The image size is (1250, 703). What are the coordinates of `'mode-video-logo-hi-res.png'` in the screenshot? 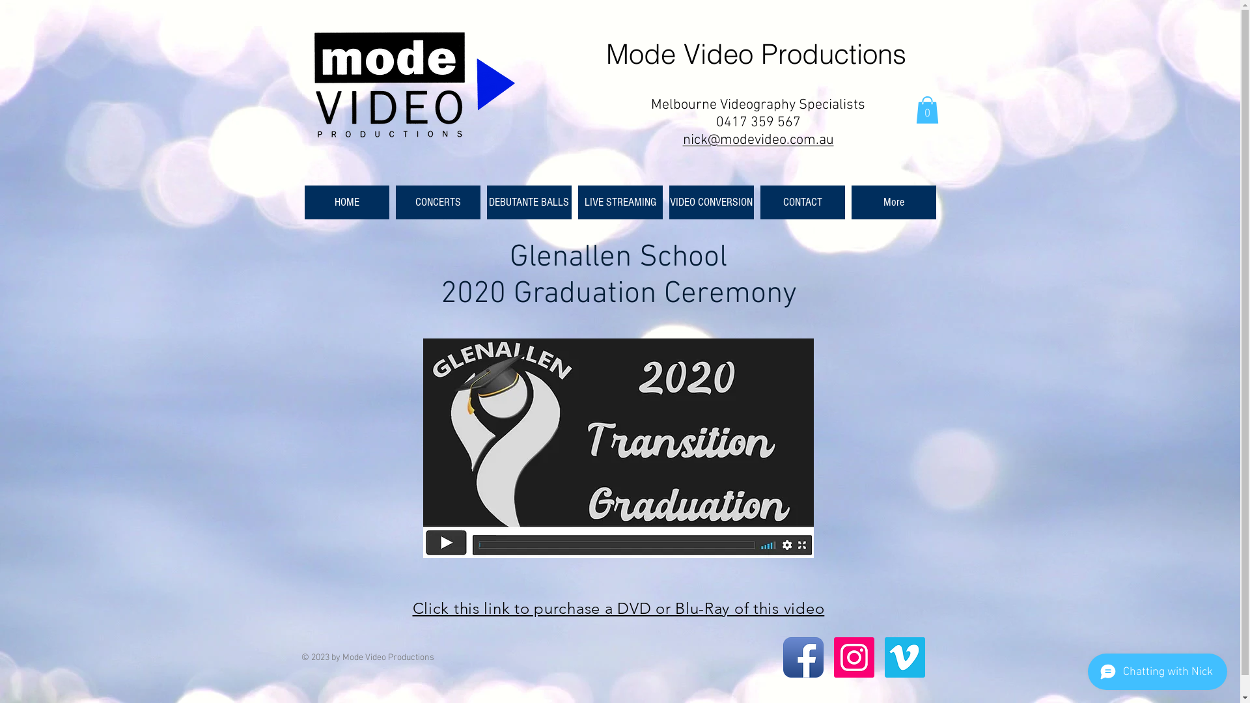 It's located at (413, 86).